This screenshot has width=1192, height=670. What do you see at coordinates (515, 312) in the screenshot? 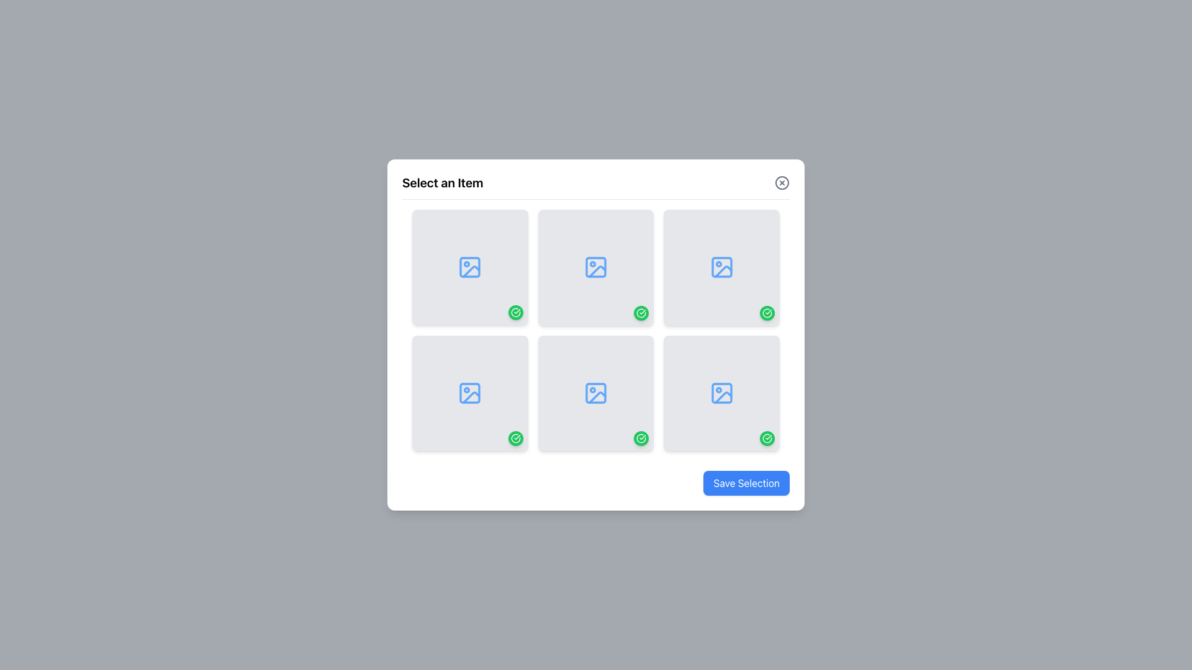
I see `the validation icon located in the bottom-right corner of the cell in the first row and second column of the grid, which indicates that the associated item is selected or marked as validated` at bounding box center [515, 312].